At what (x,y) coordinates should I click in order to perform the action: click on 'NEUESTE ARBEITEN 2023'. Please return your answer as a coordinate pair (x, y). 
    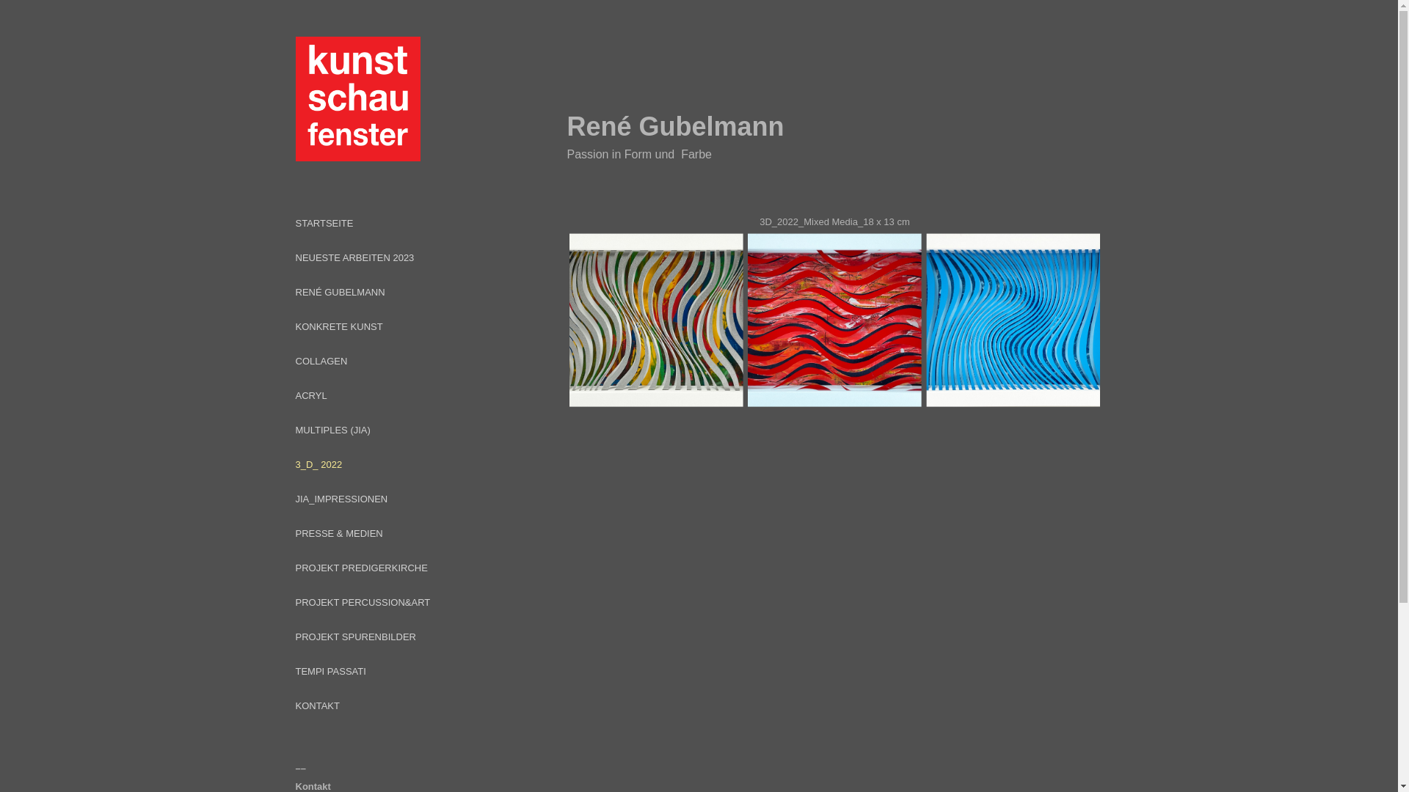
    Looking at the image, I should click on (354, 257).